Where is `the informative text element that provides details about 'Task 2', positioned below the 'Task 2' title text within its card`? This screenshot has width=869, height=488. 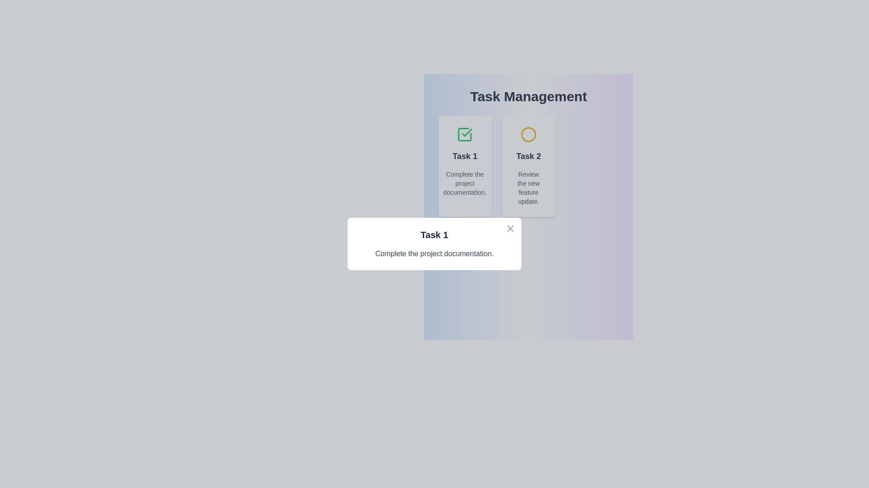 the informative text element that provides details about 'Task 2', positioned below the 'Task 2' title text within its card is located at coordinates (528, 188).